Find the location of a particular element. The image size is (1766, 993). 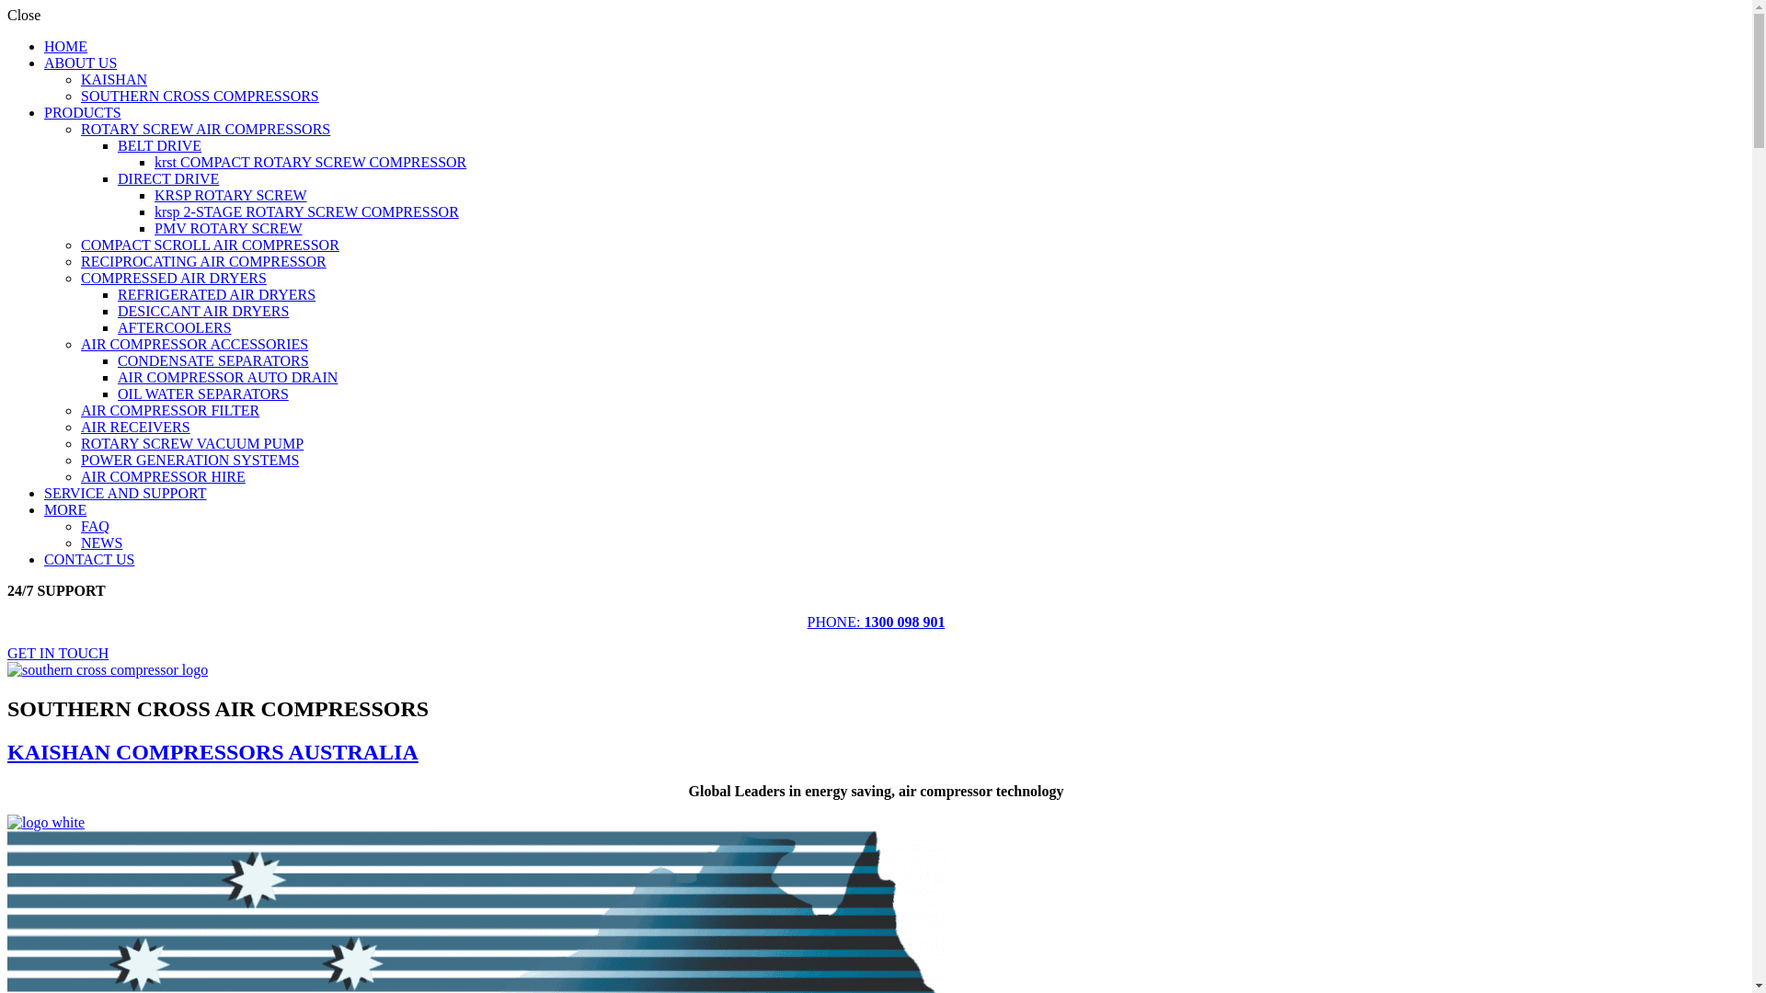

'FAQ' is located at coordinates (94, 526).